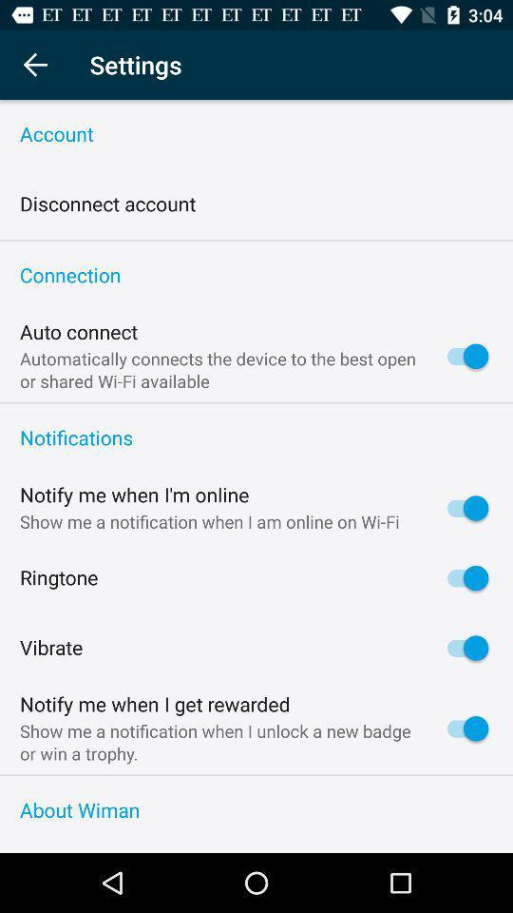  I want to click on item next to settings, so click(34, 65).